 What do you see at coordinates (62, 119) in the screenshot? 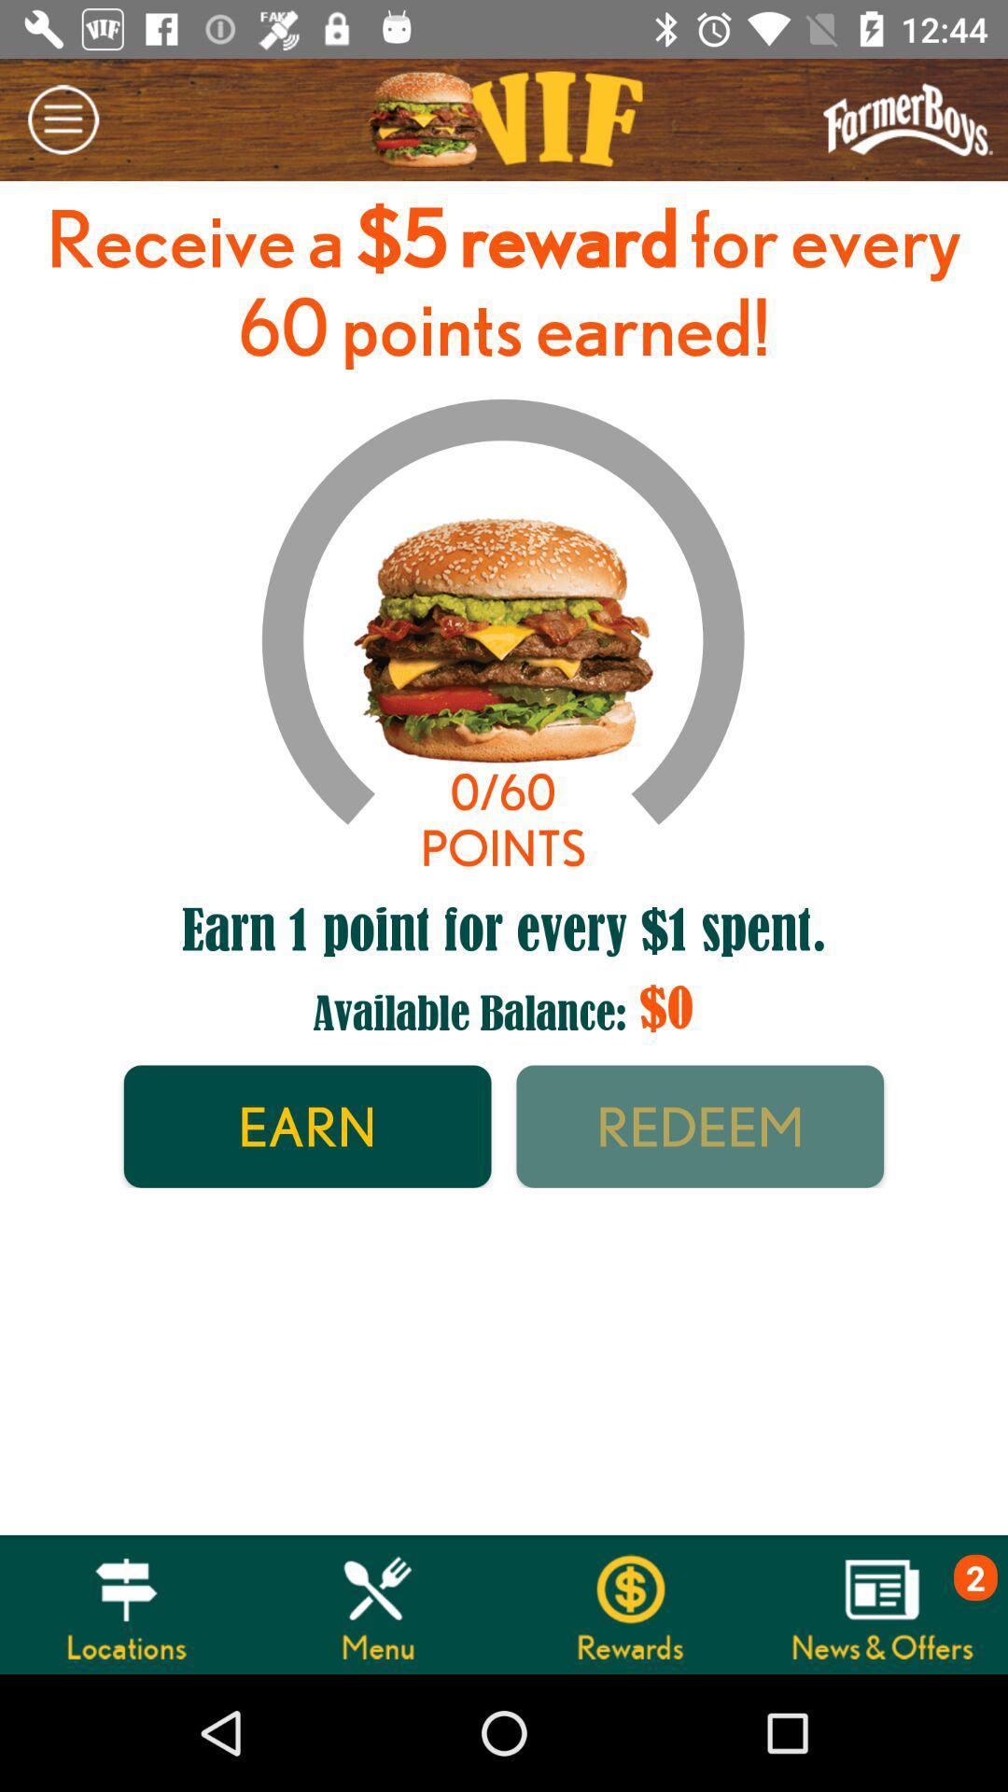
I see `the icon above the receive a 5 item` at bounding box center [62, 119].